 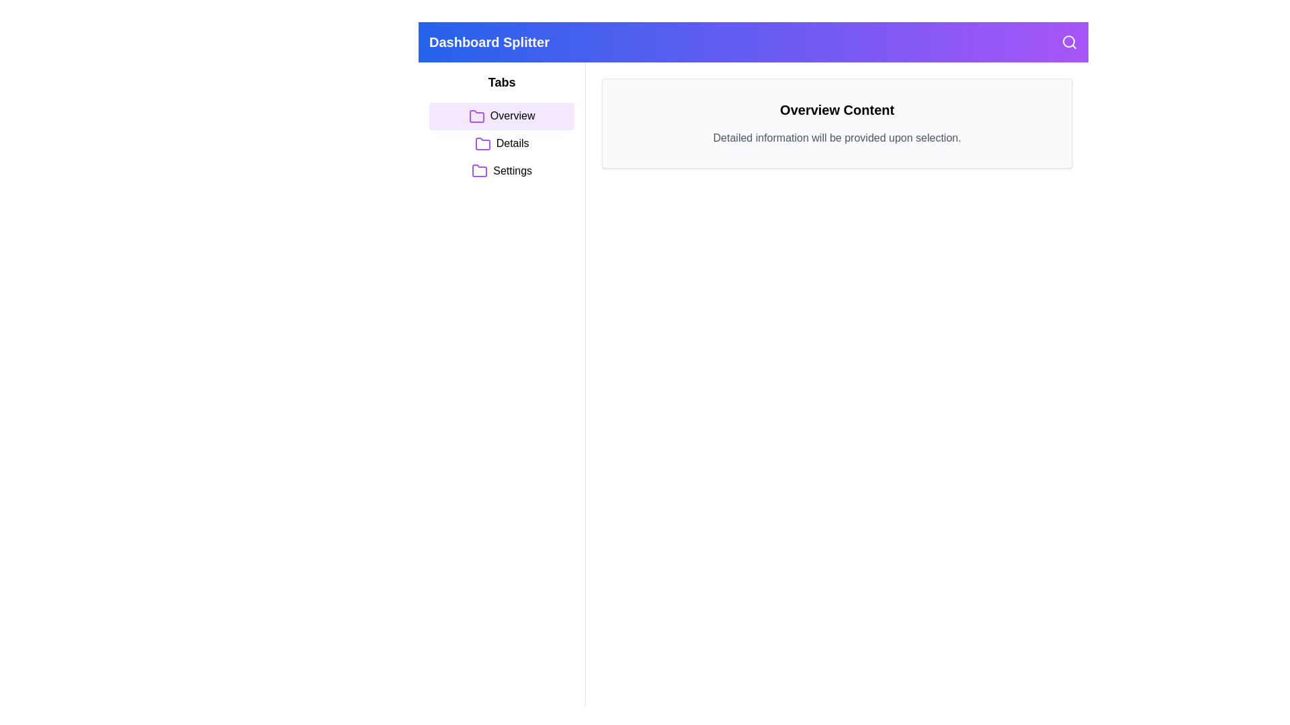 I want to click on the static text label that describes the sections in the sidebar, located above the 'Overview' section, so click(x=501, y=83).